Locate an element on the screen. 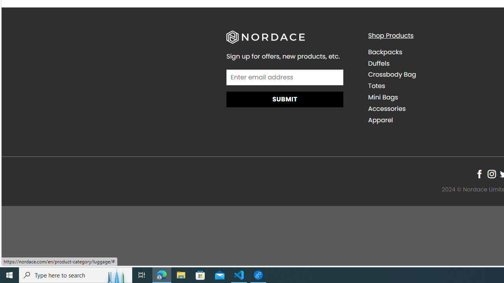  'Submit' is located at coordinates (284, 99).